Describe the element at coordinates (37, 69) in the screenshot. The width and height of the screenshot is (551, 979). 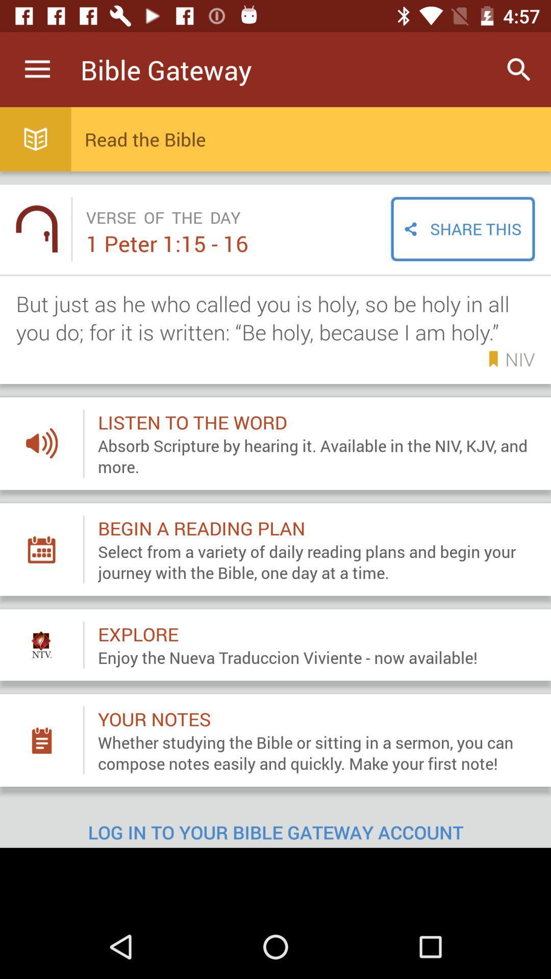
I see `the app to the left of the bible gateway icon` at that location.